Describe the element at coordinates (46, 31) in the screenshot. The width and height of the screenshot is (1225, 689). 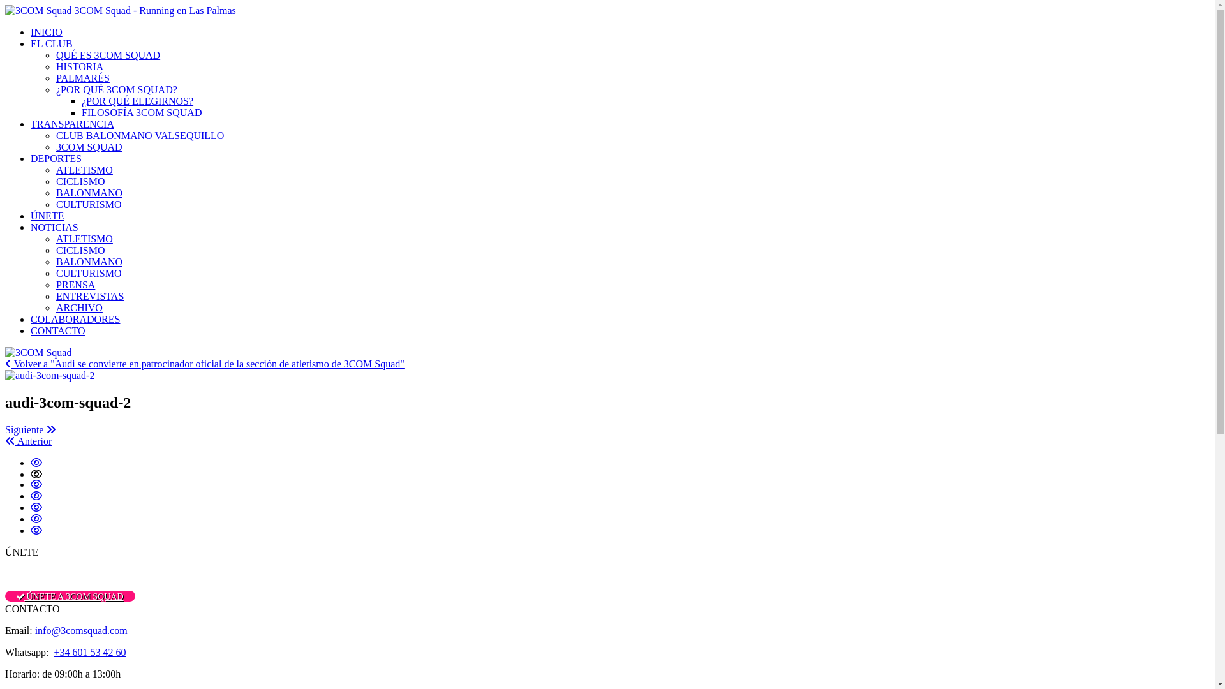
I see `'INICIO'` at that location.